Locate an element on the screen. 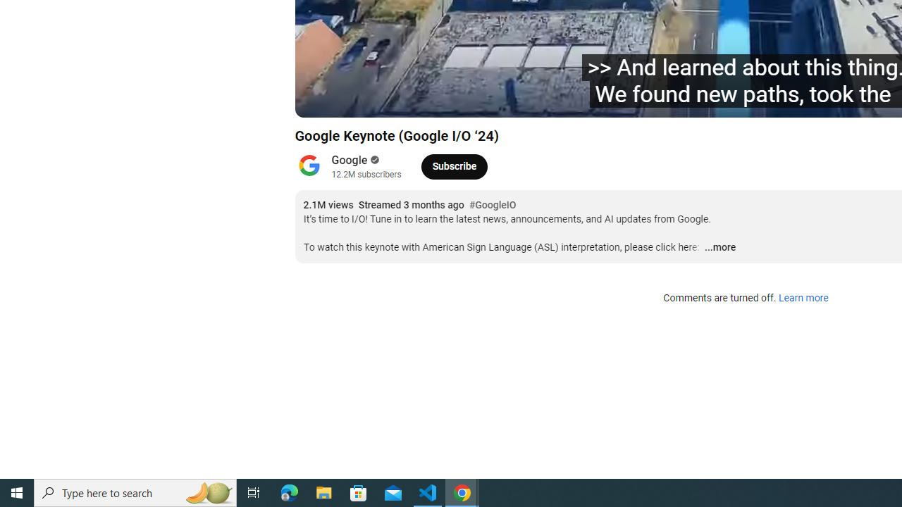 The width and height of the screenshot is (902, 507). 'Next (SHIFT+n)' is located at coordinates (385, 99).